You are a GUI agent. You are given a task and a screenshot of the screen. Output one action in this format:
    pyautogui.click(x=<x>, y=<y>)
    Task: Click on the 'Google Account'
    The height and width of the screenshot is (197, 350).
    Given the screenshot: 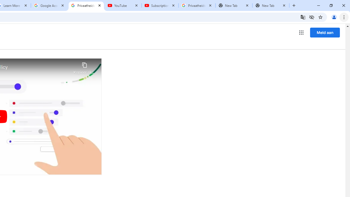 What is the action you would take?
    pyautogui.click(x=49, y=5)
    